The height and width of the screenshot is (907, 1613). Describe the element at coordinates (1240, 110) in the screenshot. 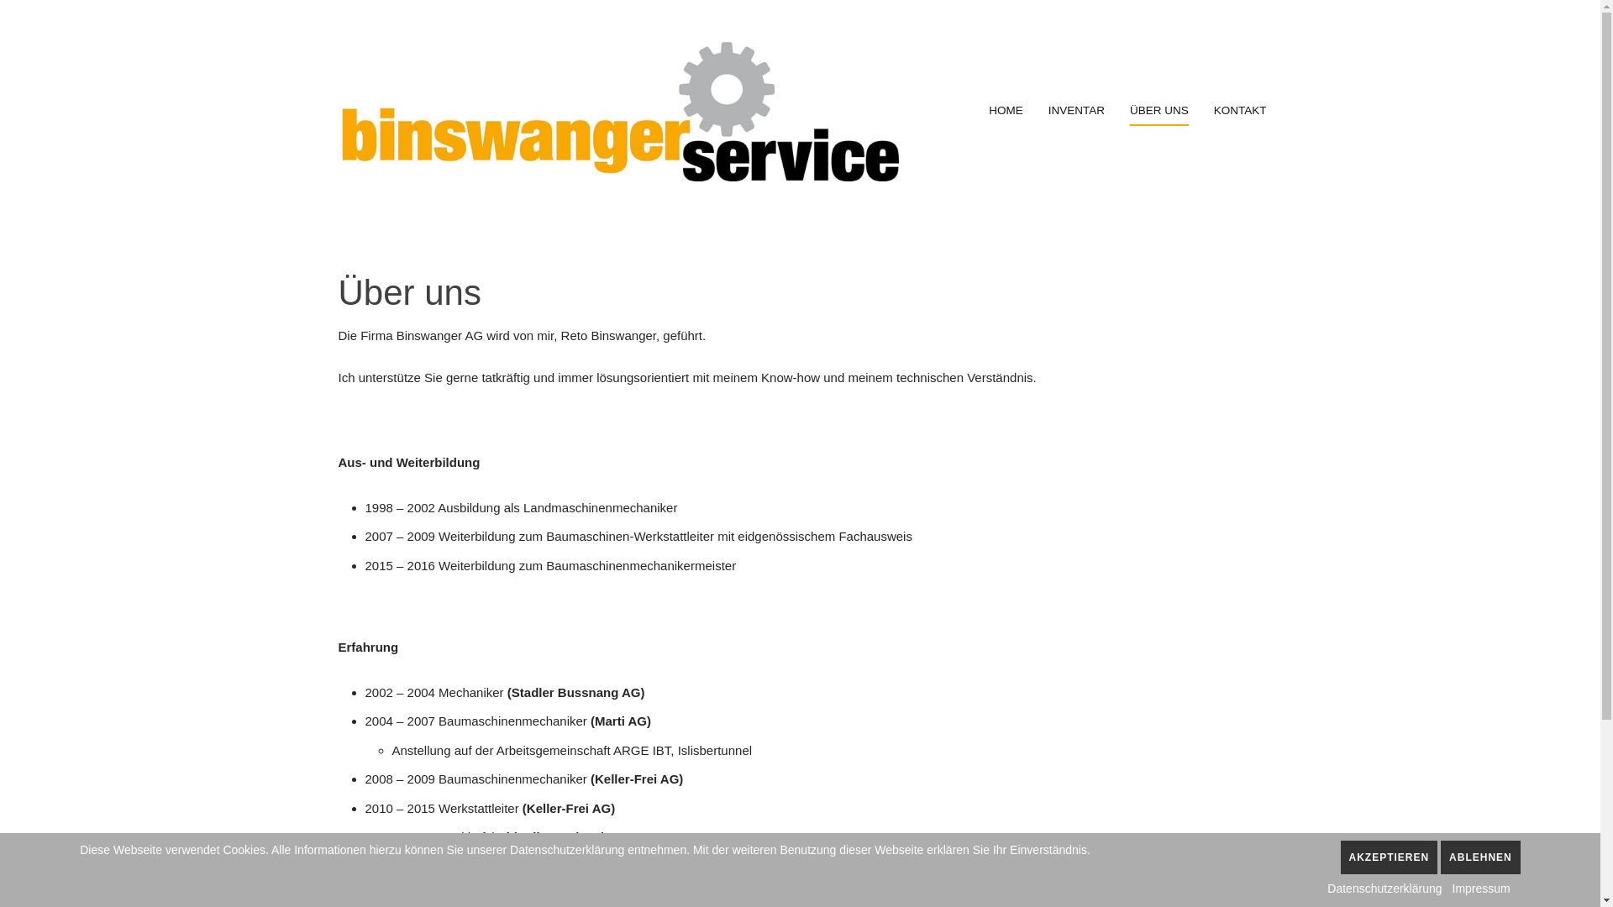

I see `'KONTAKT'` at that location.